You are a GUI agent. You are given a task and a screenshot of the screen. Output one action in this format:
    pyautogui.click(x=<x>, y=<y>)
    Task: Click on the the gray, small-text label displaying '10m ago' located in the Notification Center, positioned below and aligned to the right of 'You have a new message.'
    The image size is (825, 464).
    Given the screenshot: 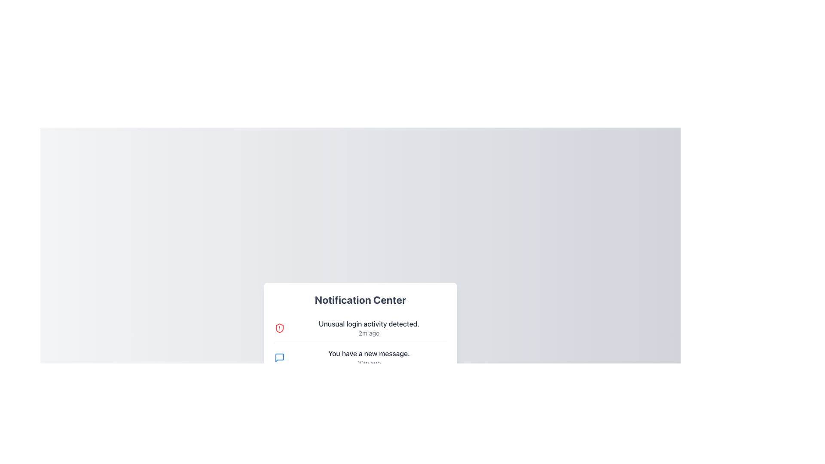 What is the action you would take?
    pyautogui.click(x=369, y=363)
    